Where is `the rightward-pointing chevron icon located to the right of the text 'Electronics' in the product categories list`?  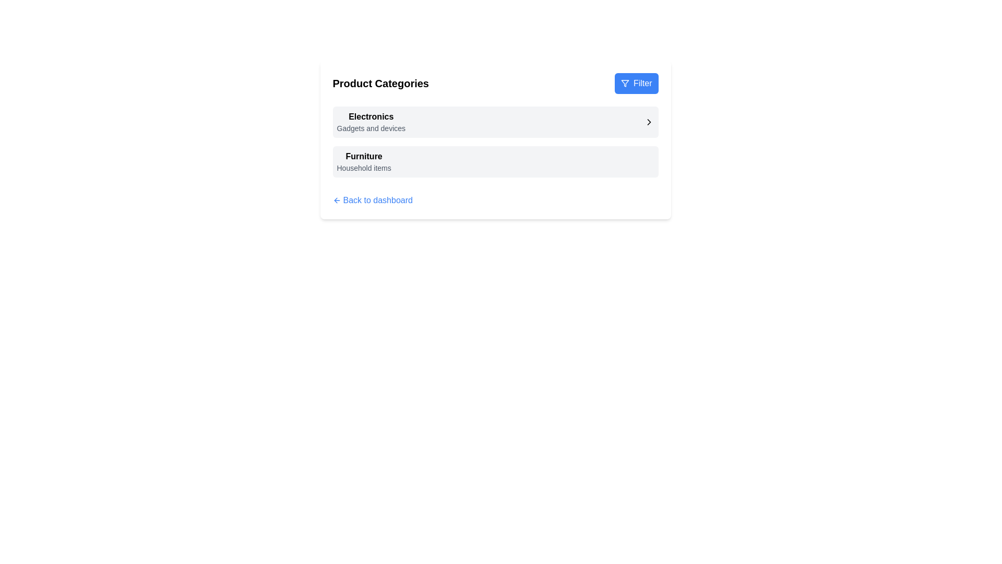
the rightward-pointing chevron icon located to the right of the text 'Electronics' in the product categories list is located at coordinates (648, 122).